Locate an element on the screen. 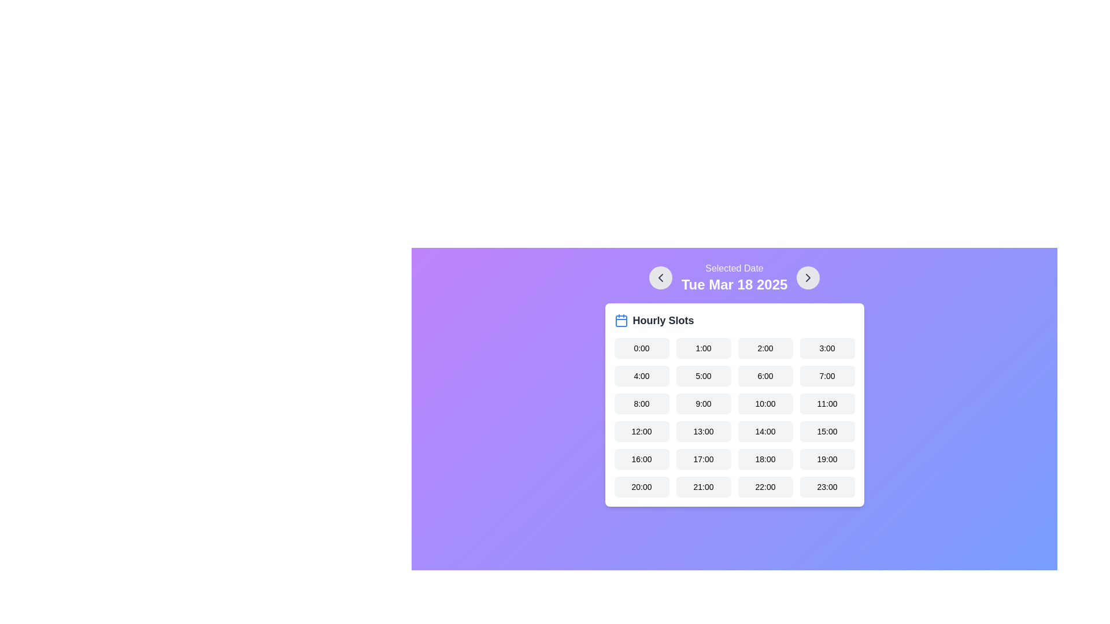  the button labeled '3:00' in the 'Hourly Slots' section is located at coordinates (826, 347).